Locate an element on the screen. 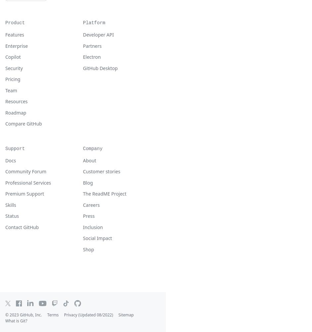 The width and height of the screenshot is (312, 332). 'Updated 08/2022' is located at coordinates (95, 314).